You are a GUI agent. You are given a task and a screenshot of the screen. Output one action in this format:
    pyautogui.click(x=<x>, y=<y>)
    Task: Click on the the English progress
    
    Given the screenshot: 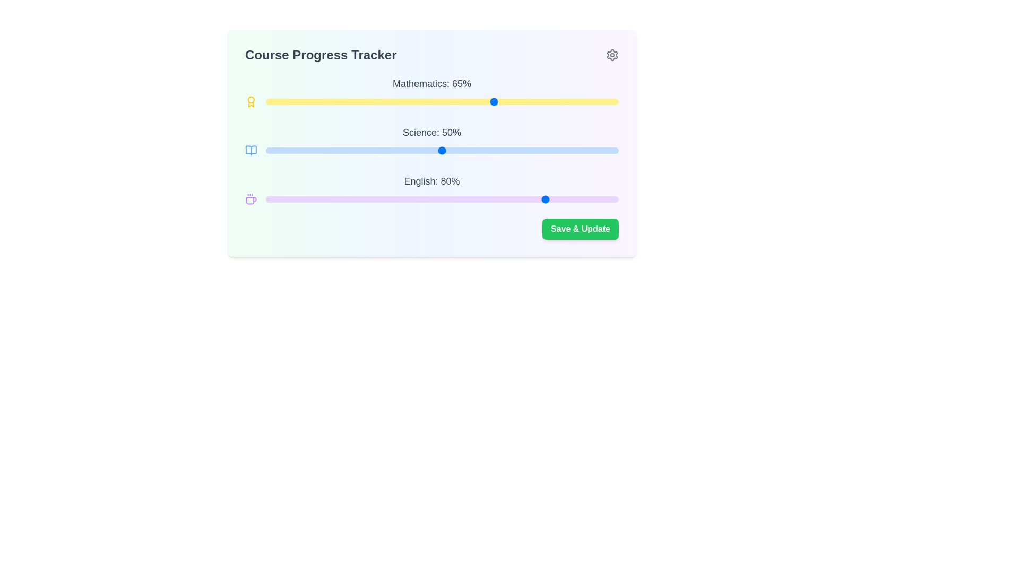 What is the action you would take?
    pyautogui.click(x=445, y=199)
    